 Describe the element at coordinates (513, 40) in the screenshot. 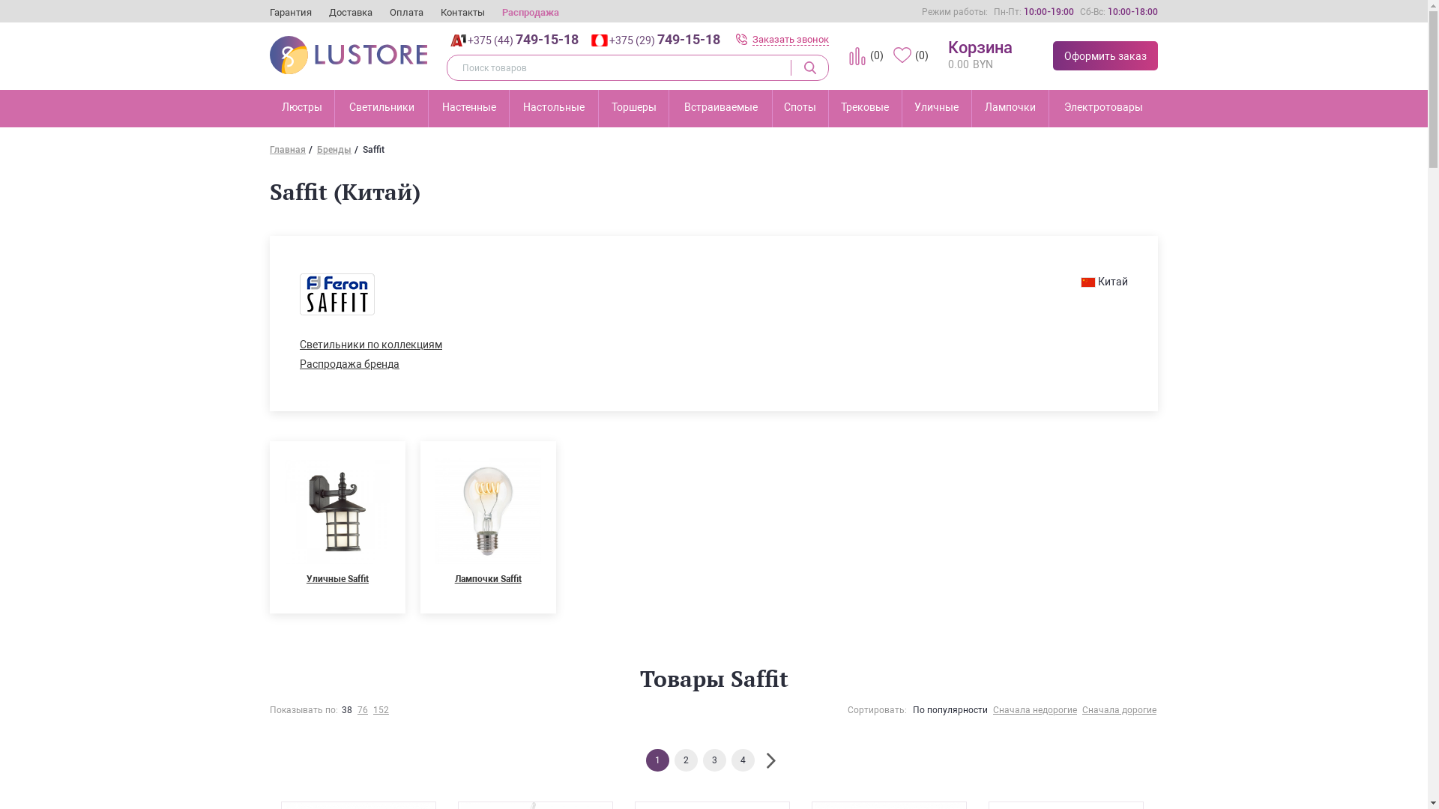

I see `'+375 (44) 749-15-18'` at that location.